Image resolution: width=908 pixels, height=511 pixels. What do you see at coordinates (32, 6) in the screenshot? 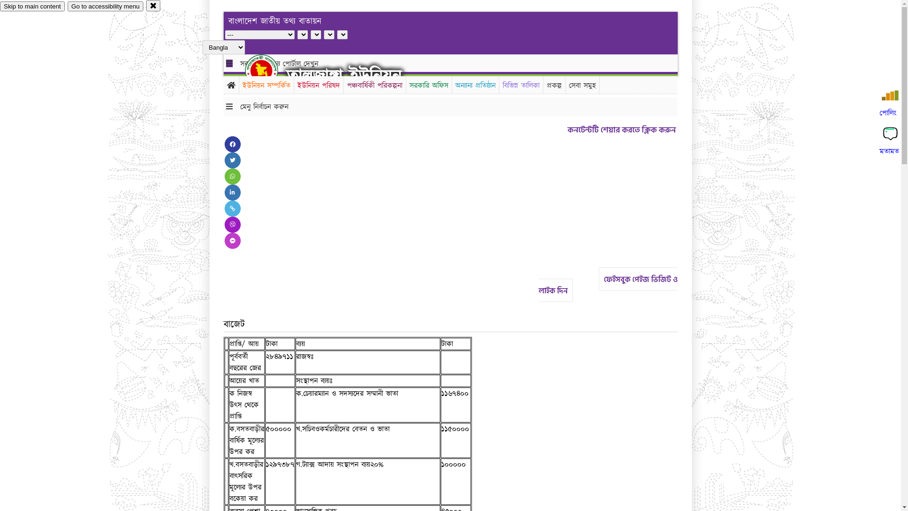
I see `'Skip to main content'` at bounding box center [32, 6].